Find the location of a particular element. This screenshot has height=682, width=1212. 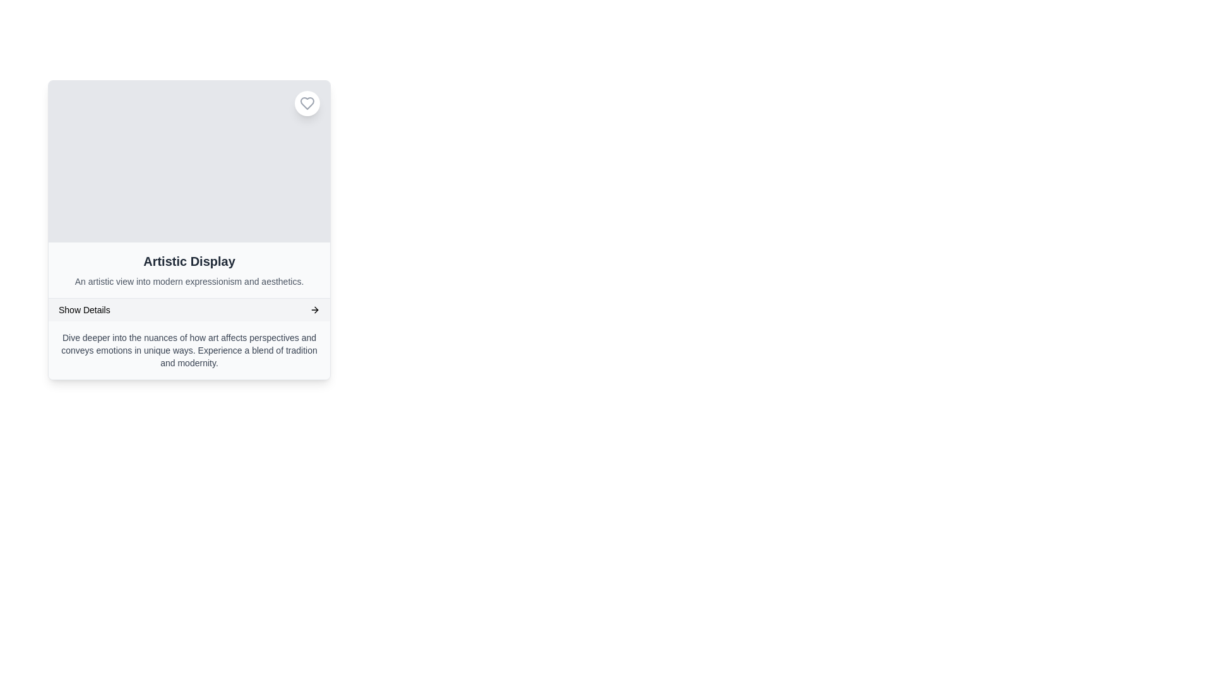

title and description text located in the upper section of the card interface, directly below the image placeholder and above the 'Show Details' button is located at coordinates (188, 270).